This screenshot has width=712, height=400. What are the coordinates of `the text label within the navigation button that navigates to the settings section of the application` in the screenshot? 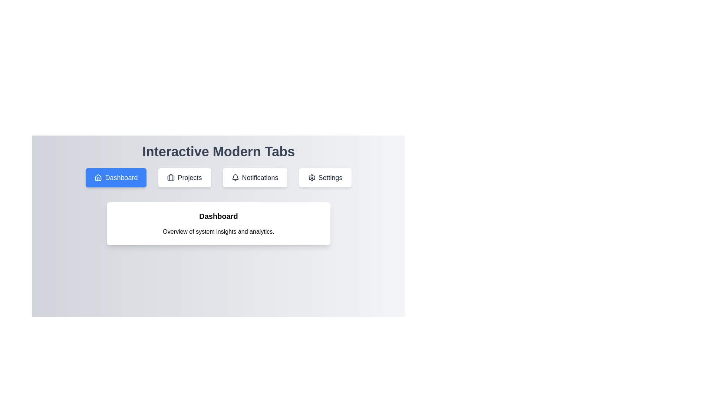 It's located at (330, 177).